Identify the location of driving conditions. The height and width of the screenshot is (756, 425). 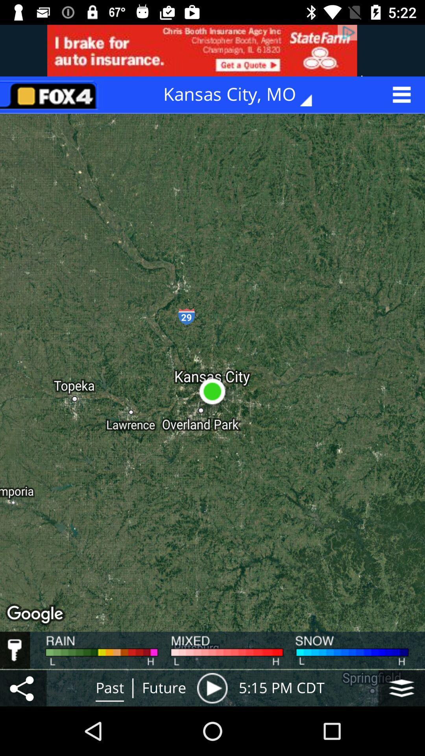
(15, 650).